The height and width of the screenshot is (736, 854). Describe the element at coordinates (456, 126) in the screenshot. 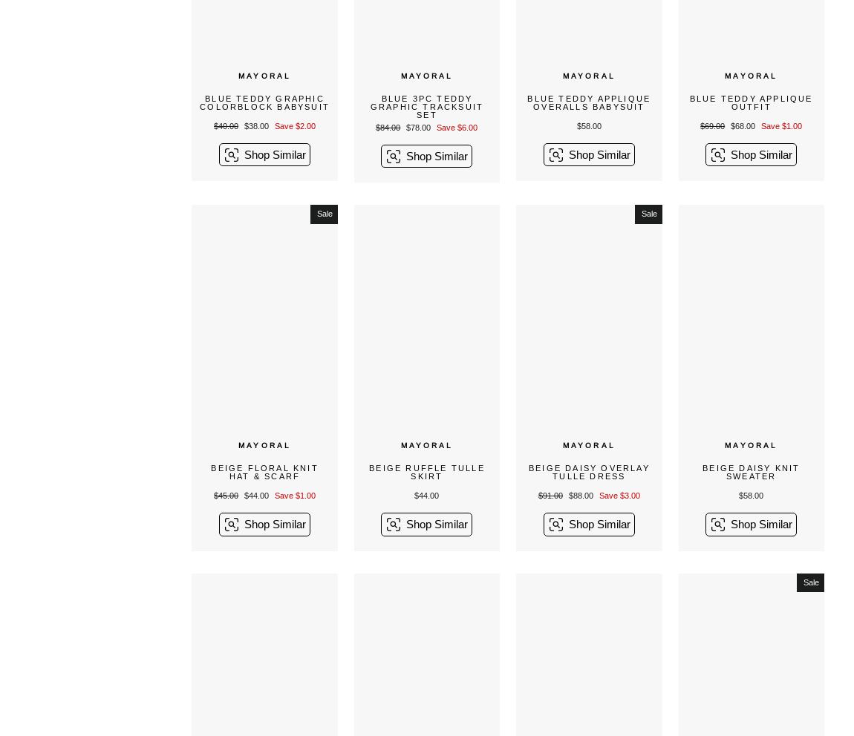

I see `'Save $6.00'` at that location.